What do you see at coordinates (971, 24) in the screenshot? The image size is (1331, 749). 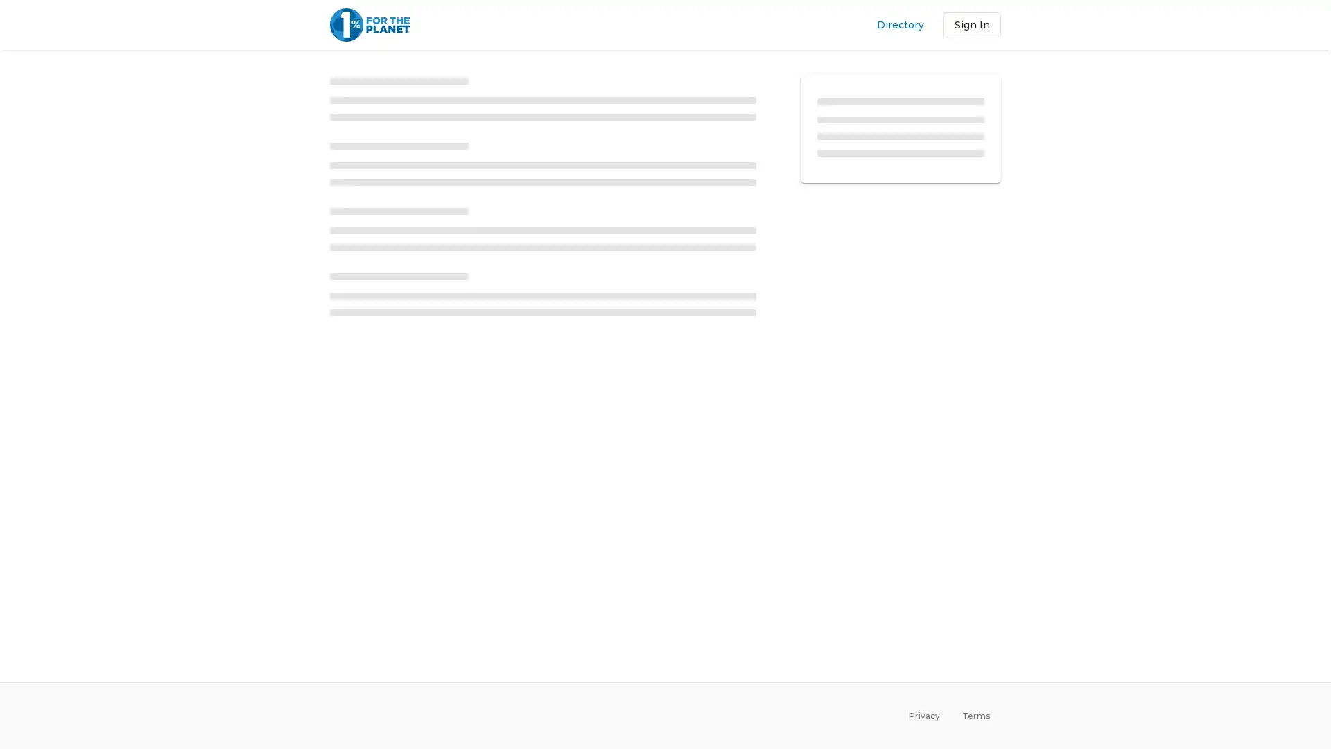 I see `Sign In` at bounding box center [971, 24].